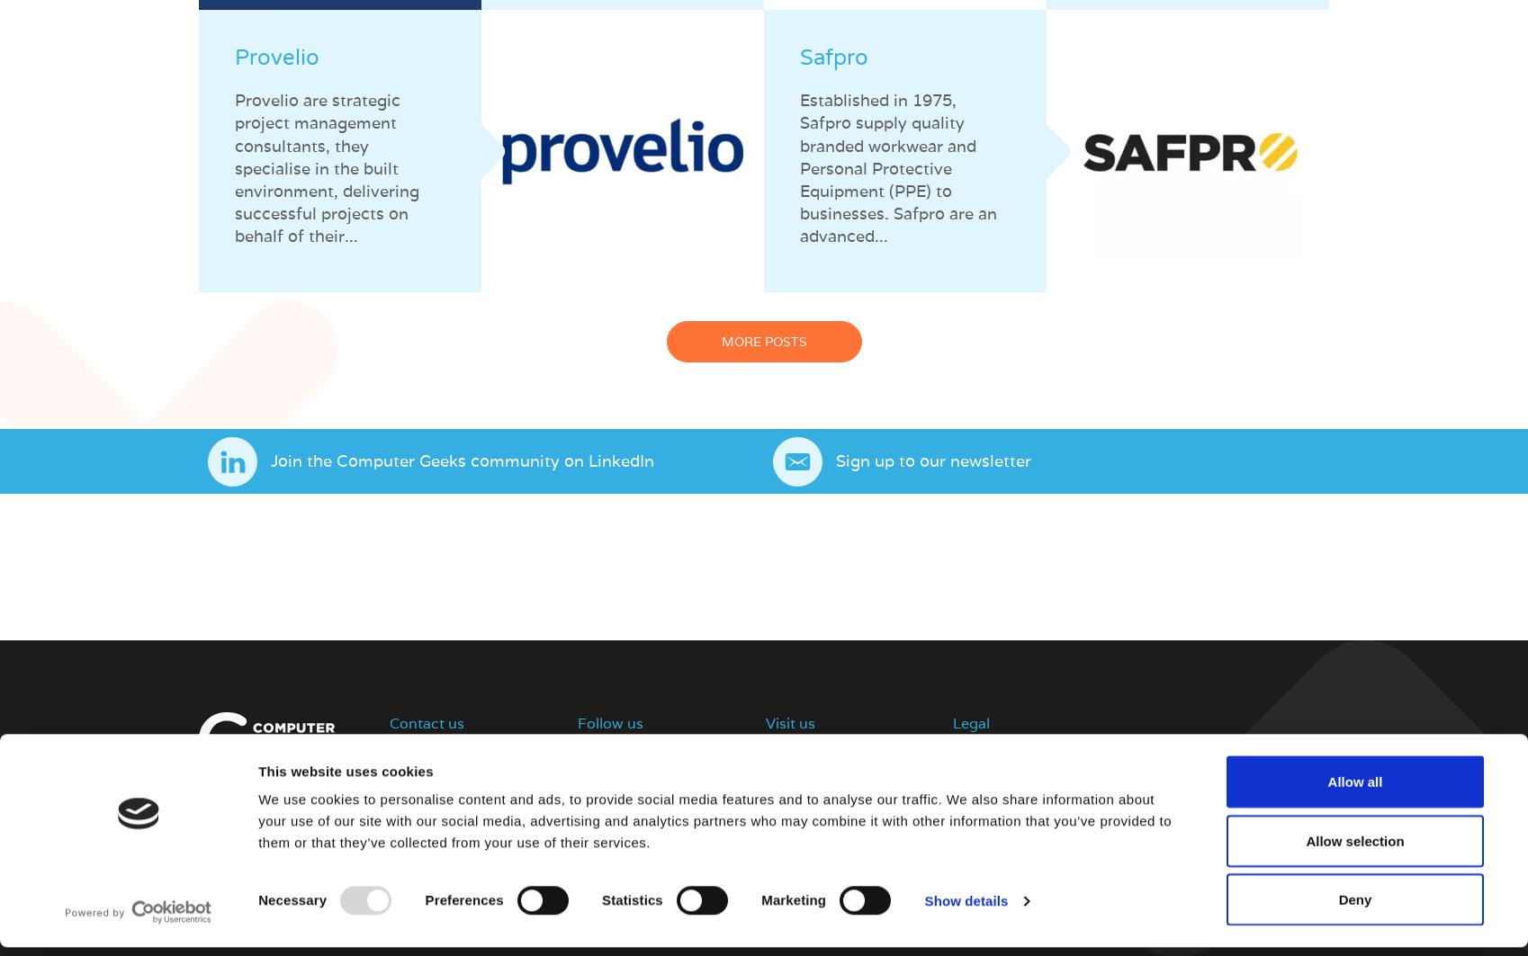  Describe the element at coordinates (993, 781) in the screenshot. I see `'Privacy Policy'` at that location.